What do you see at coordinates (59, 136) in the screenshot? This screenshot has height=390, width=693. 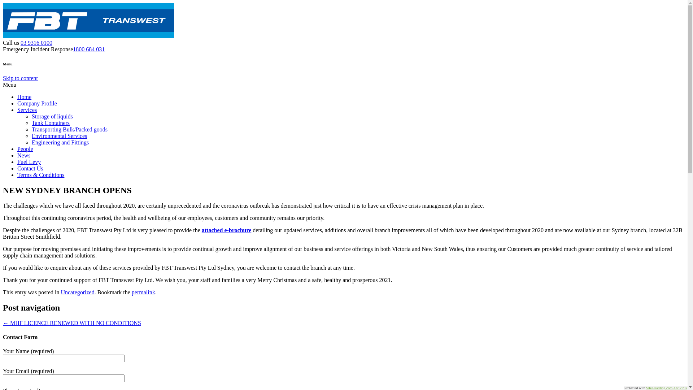 I see `'Environmental Services'` at bounding box center [59, 136].